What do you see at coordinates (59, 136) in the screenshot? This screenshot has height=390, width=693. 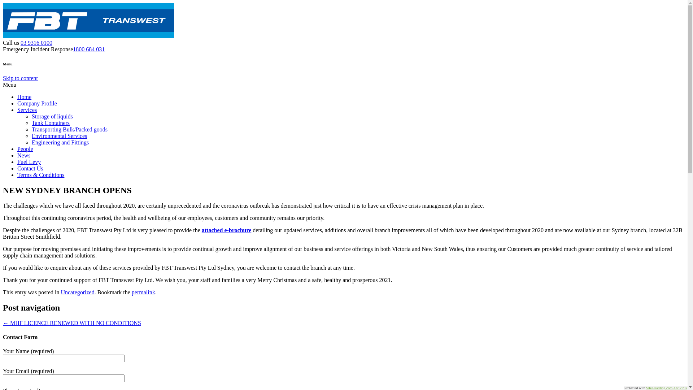 I see `'Environmental Services'` at bounding box center [59, 136].